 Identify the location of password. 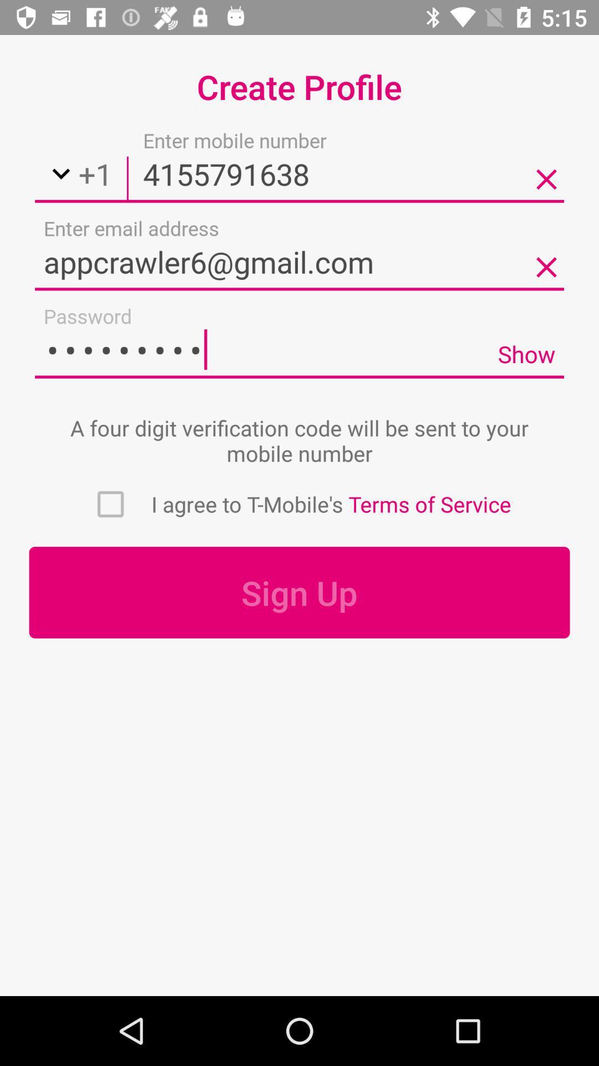
(262, 349).